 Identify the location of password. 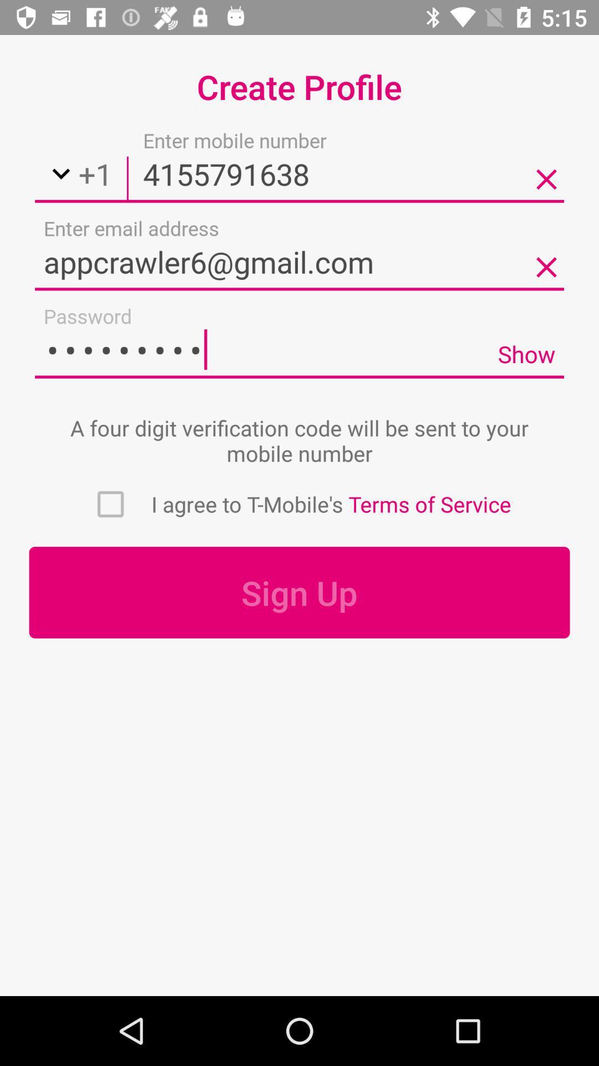
(262, 349).